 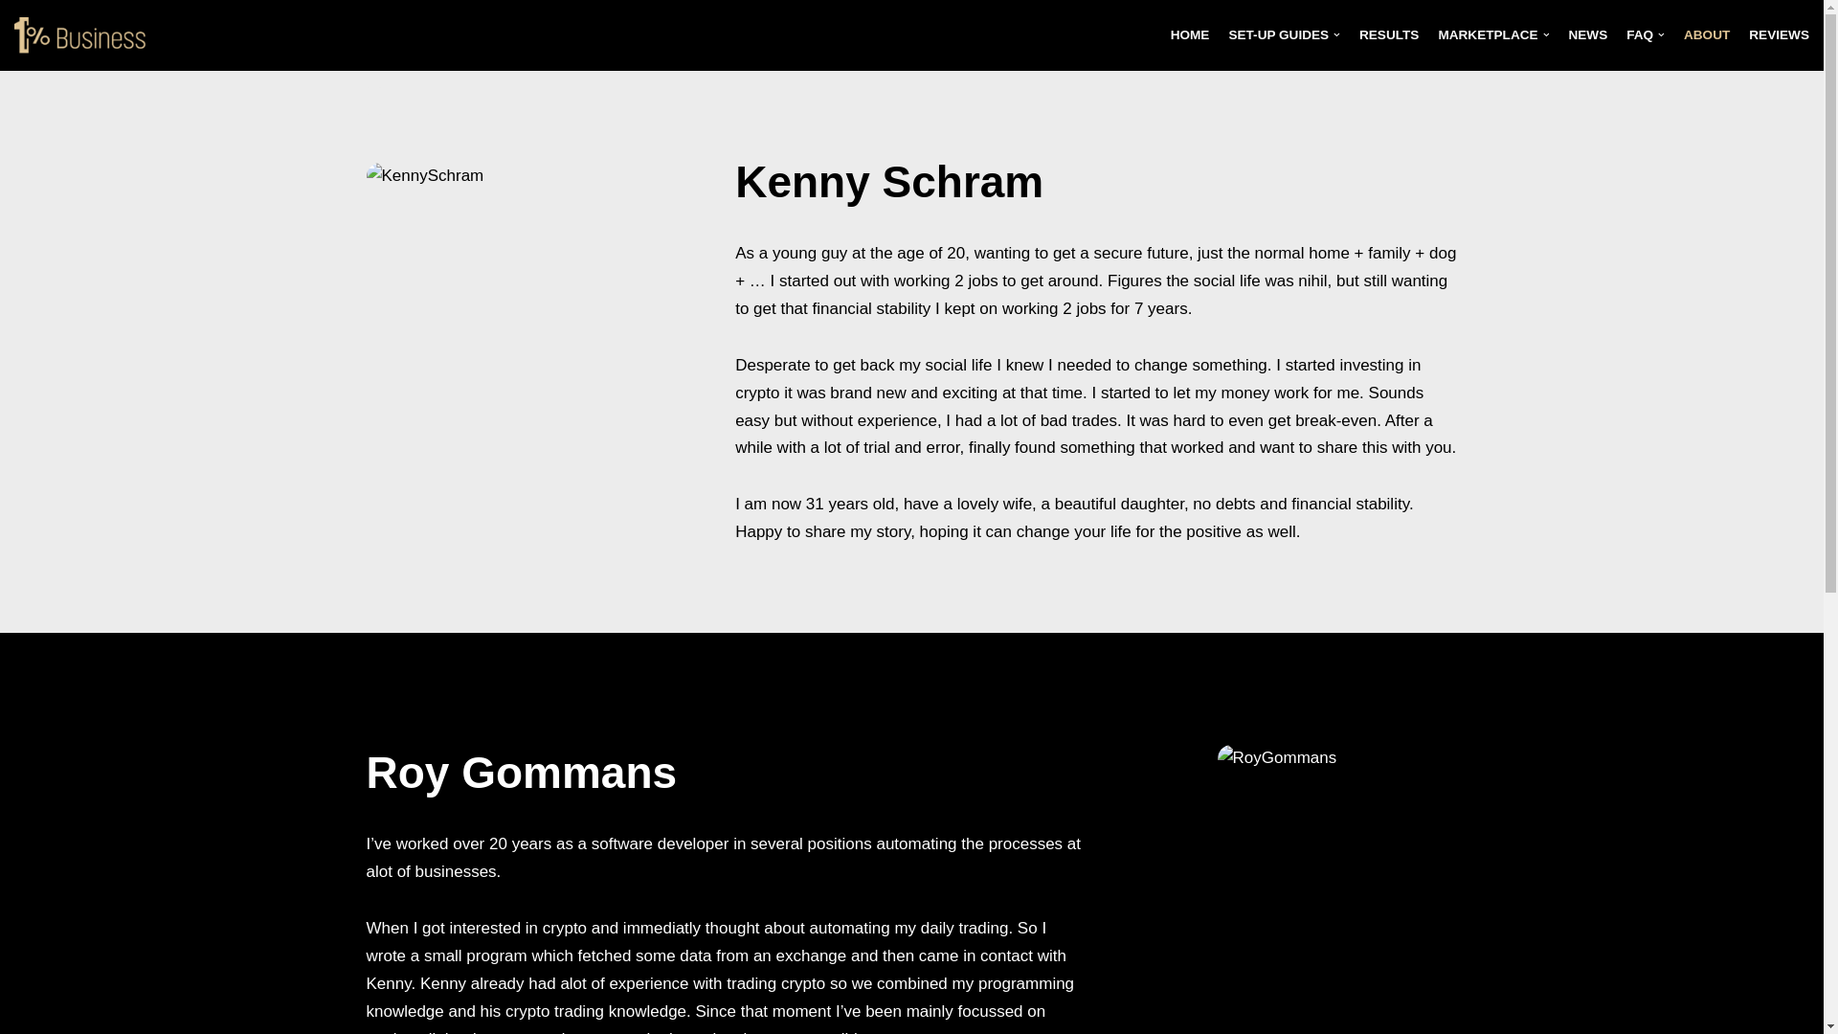 I want to click on 'NEWS', so click(x=1587, y=34).